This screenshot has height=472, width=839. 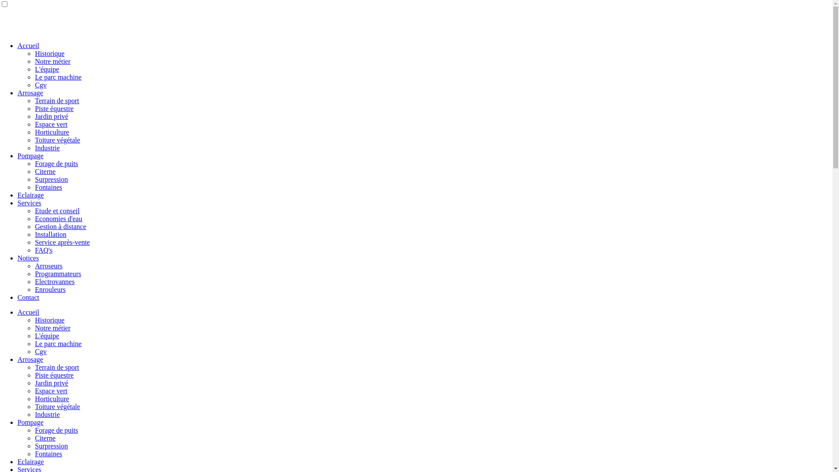 I want to click on 'Citerne', so click(x=45, y=438).